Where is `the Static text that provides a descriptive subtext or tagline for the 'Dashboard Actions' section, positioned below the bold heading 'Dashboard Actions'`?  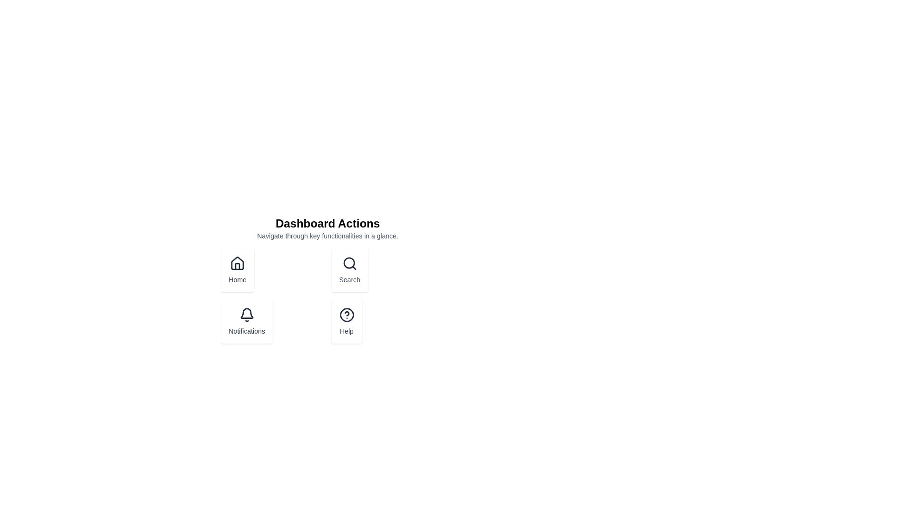 the Static text that provides a descriptive subtext or tagline for the 'Dashboard Actions' section, positioned below the bold heading 'Dashboard Actions' is located at coordinates (328, 236).